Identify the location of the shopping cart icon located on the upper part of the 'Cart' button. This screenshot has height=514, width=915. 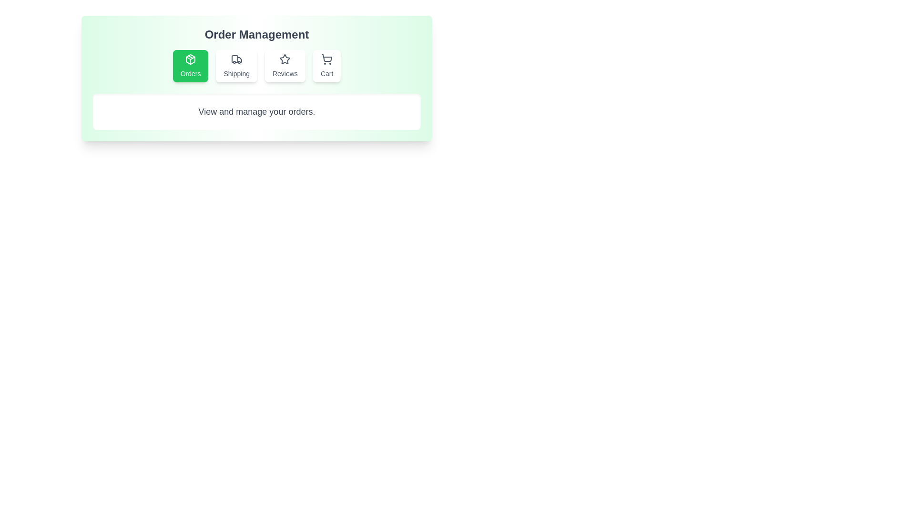
(327, 59).